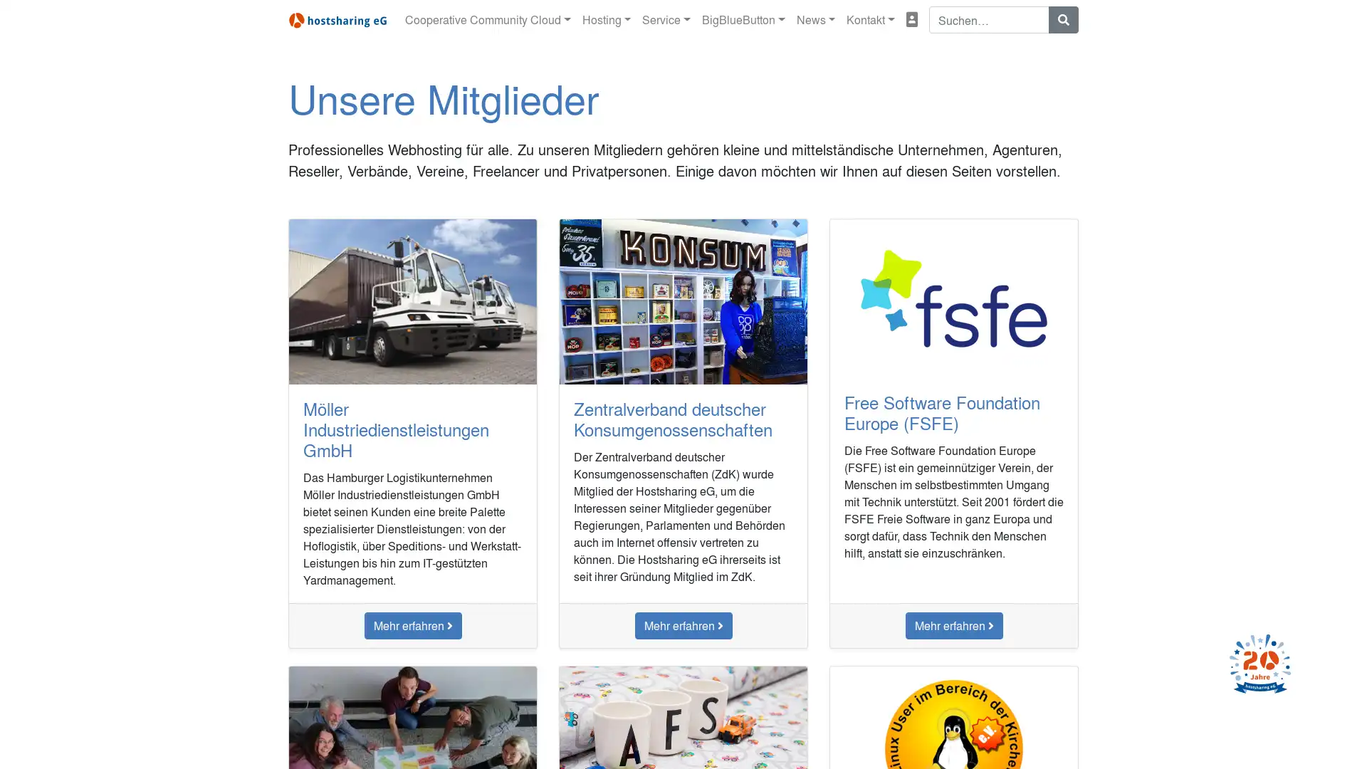 The height and width of the screenshot is (769, 1367). I want to click on Suchen, so click(1063, 19).